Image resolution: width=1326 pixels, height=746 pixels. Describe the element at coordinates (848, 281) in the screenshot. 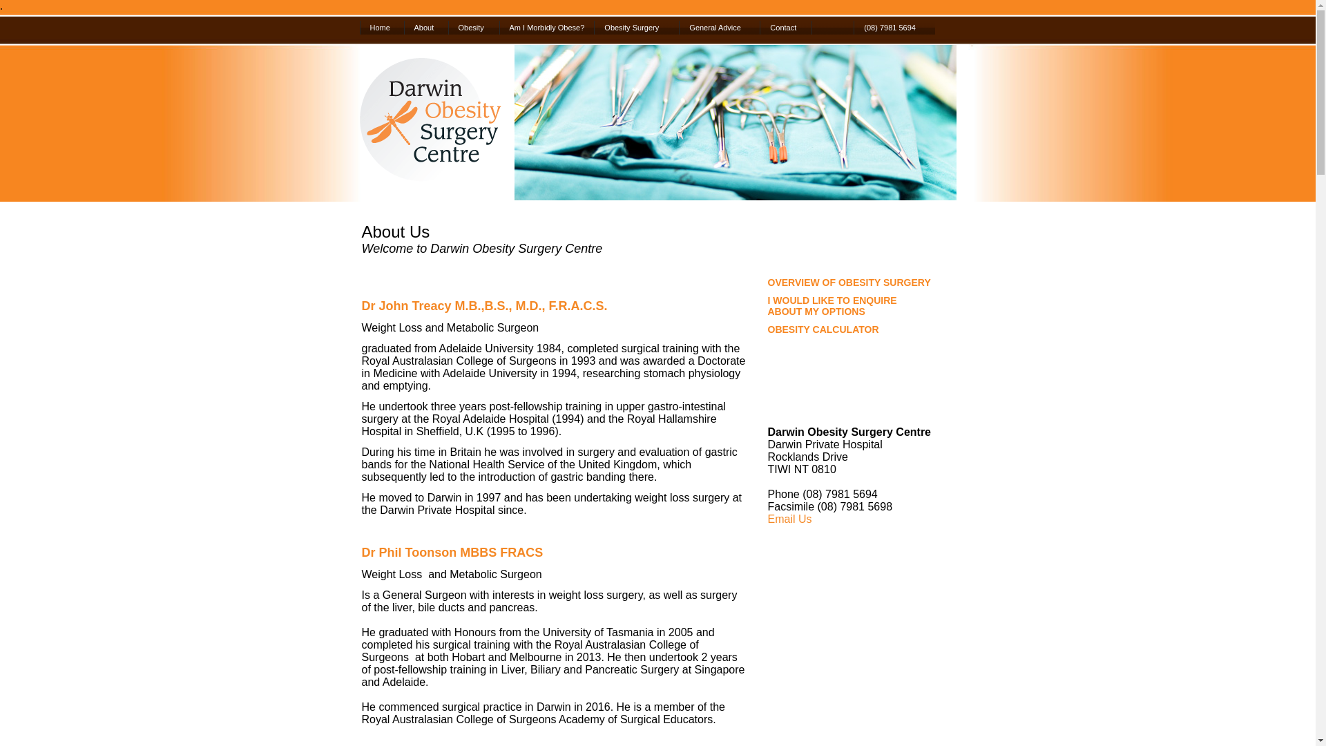

I see `'OVERVIEW OF OBESITY SURGERY'` at that location.